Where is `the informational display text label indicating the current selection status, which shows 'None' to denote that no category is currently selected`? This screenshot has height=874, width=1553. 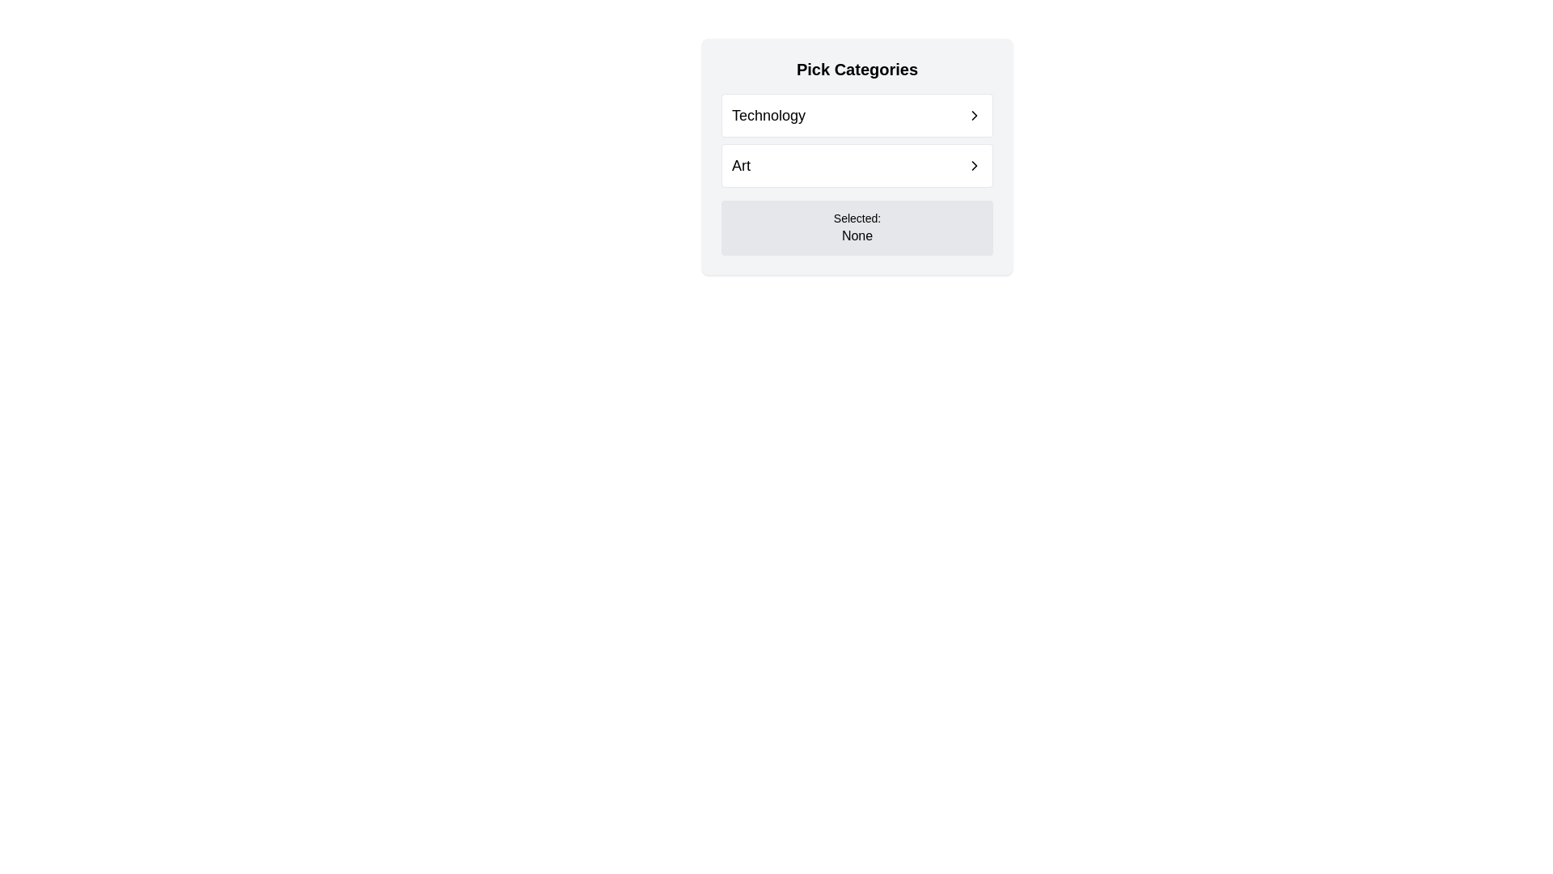 the informational display text label indicating the current selection status, which shows 'None' to denote that no category is currently selected is located at coordinates (857, 227).